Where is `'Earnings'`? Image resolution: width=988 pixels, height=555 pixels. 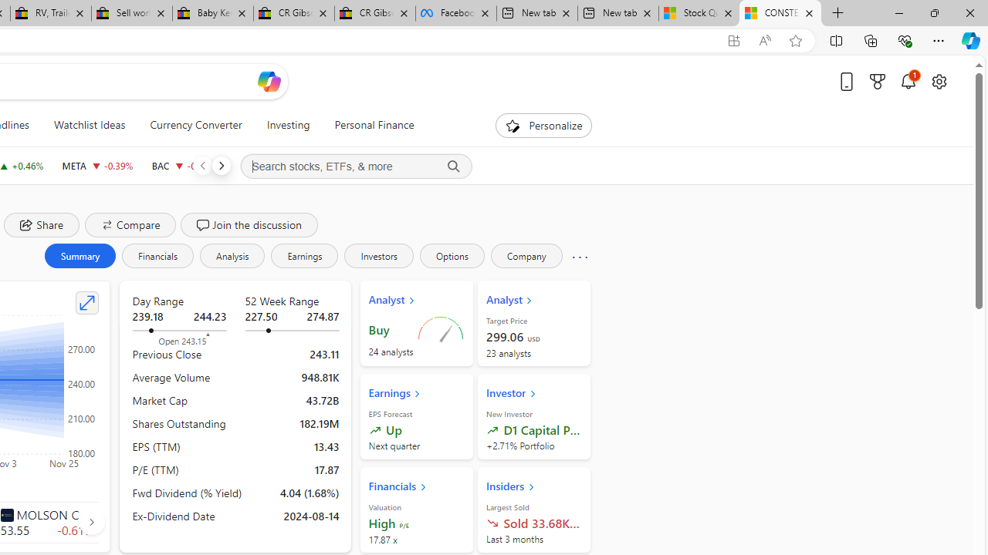
'Earnings' is located at coordinates (304, 254).